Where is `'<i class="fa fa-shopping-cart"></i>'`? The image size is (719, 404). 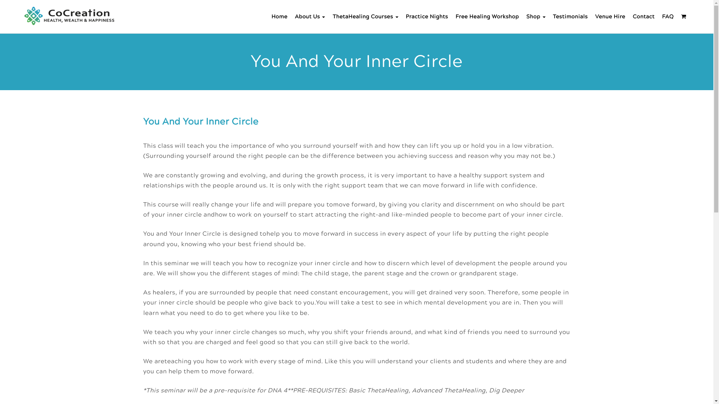 '<i class="fa fa-shopping-cart"></i>' is located at coordinates (683, 16).